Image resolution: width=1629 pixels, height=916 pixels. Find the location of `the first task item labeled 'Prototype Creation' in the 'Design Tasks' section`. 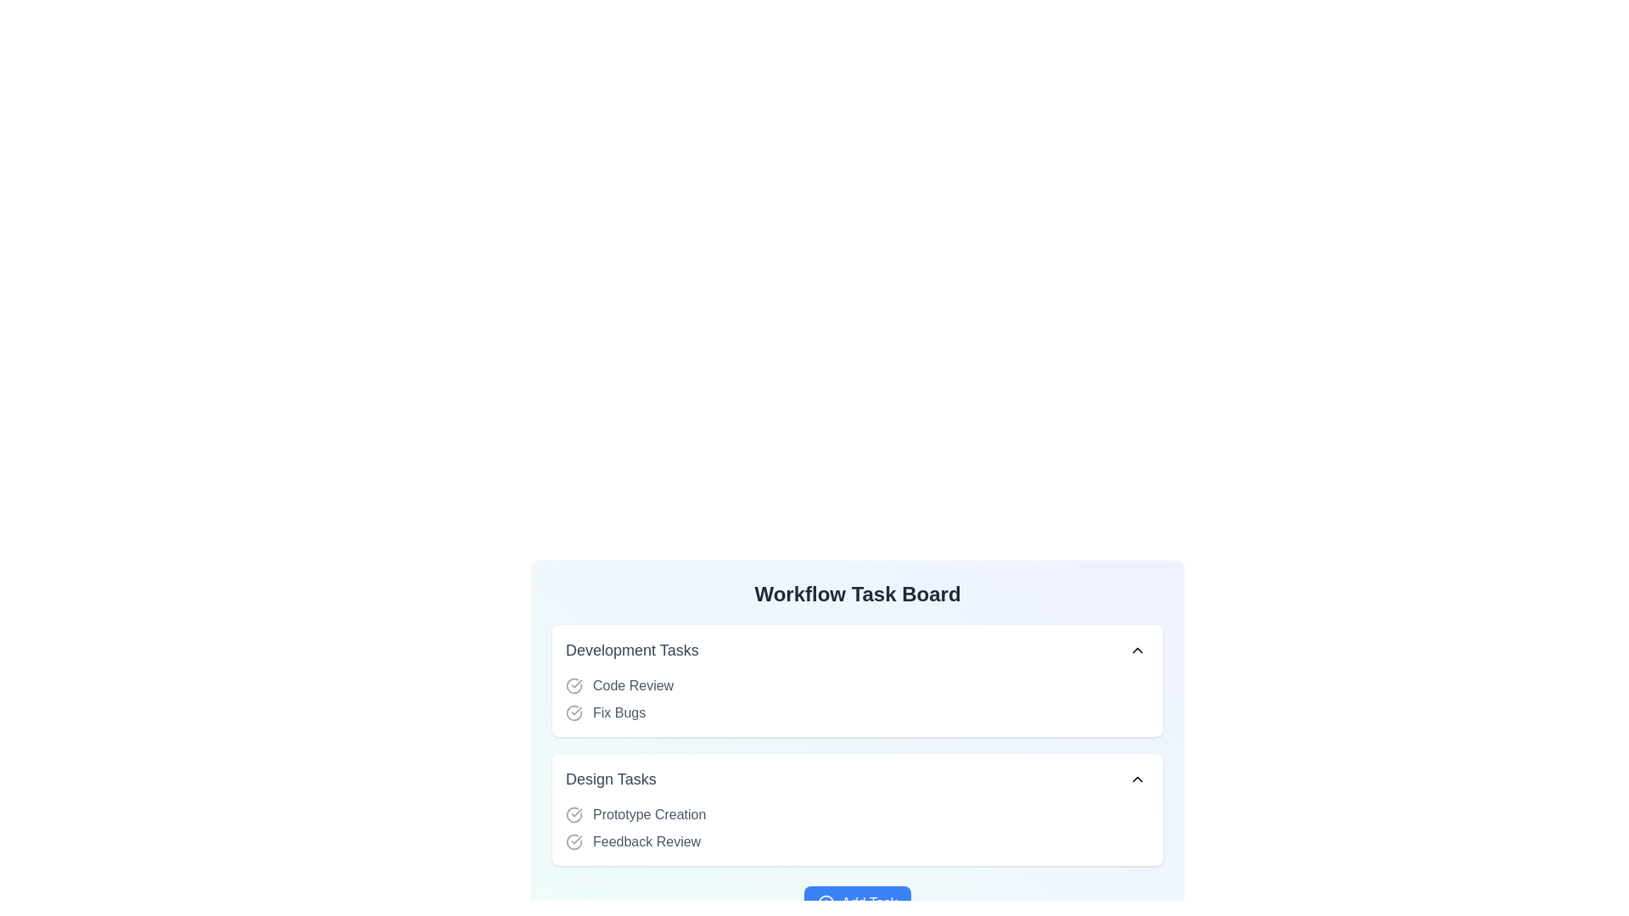

the first task item labeled 'Prototype Creation' in the 'Design Tasks' section is located at coordinates (858, 813).